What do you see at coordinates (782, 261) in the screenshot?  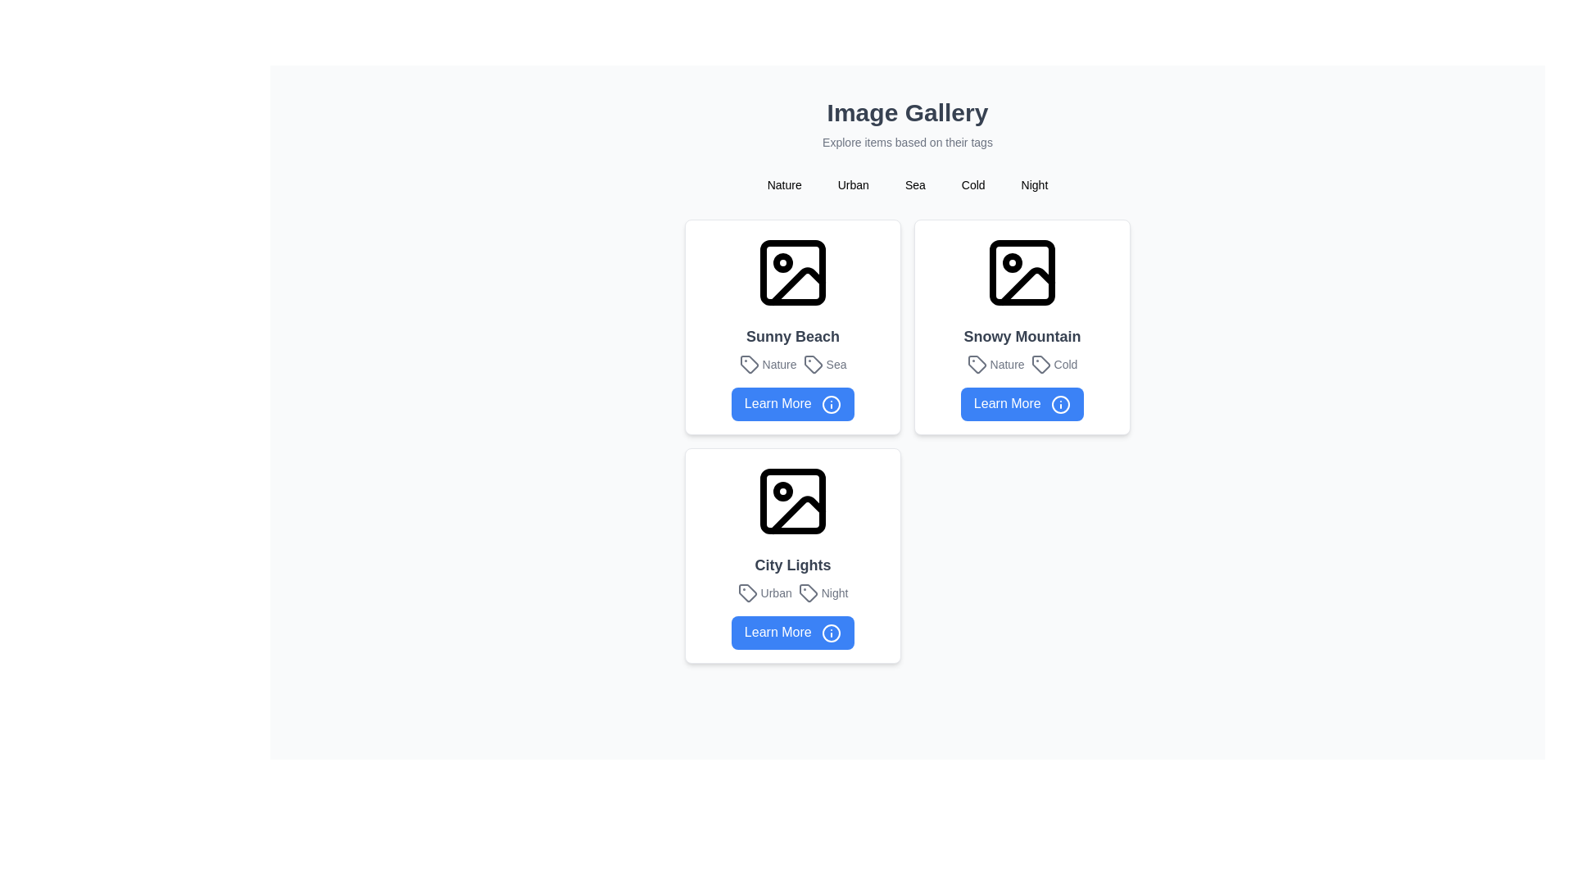 I see `the small circular dot within the SVG graphic of the image placeholder icon in the 'Sunny Beach' card` at bounding box center [782, 261].